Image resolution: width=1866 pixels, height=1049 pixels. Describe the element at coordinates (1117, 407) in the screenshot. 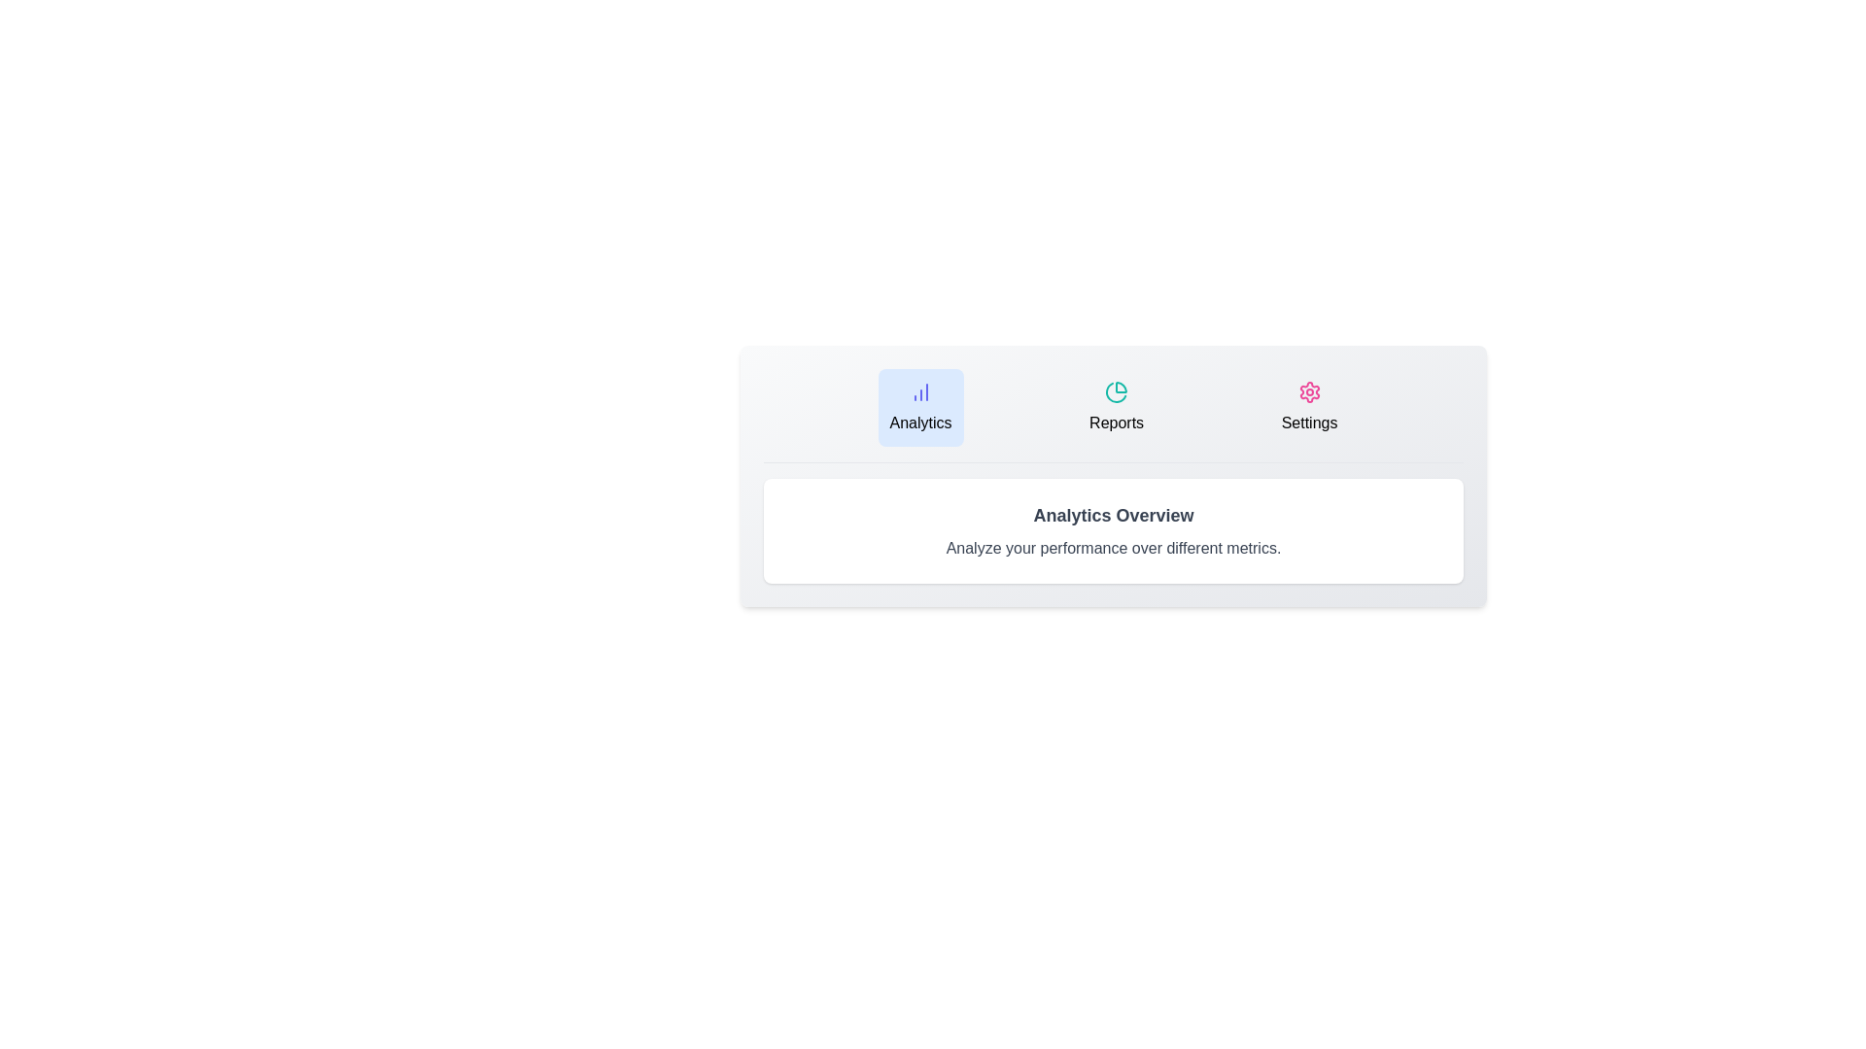

I see `the tab button labeled Reports to observe its hover effect` at that location.